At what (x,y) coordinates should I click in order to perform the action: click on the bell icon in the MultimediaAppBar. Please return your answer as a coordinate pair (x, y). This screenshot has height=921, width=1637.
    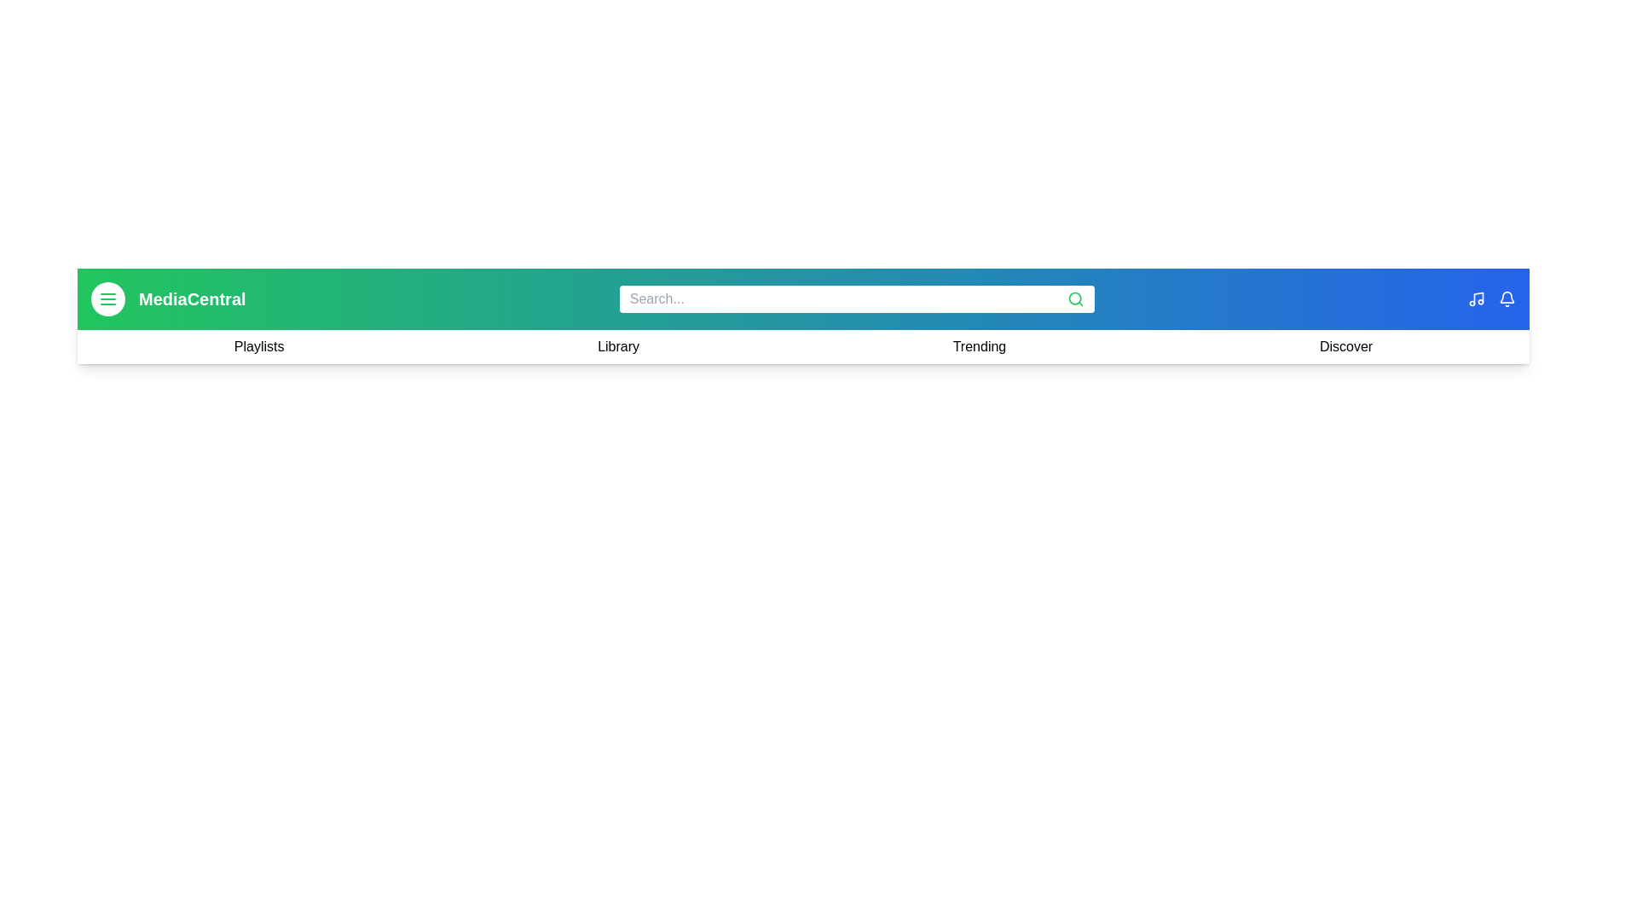
    Looking at the image, I should click on (1506, 298).